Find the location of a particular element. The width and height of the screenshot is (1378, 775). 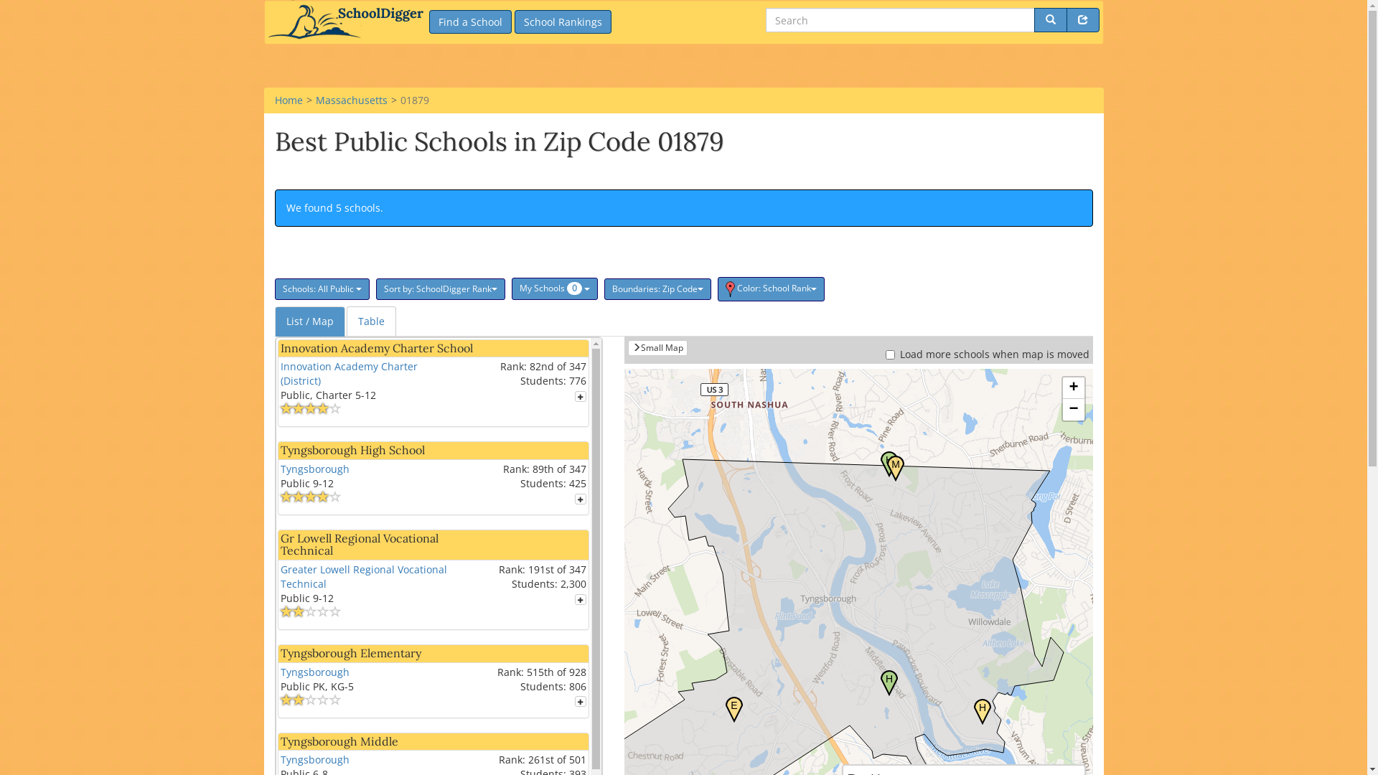

'School Rankings' is located at coordinates (561, 22).